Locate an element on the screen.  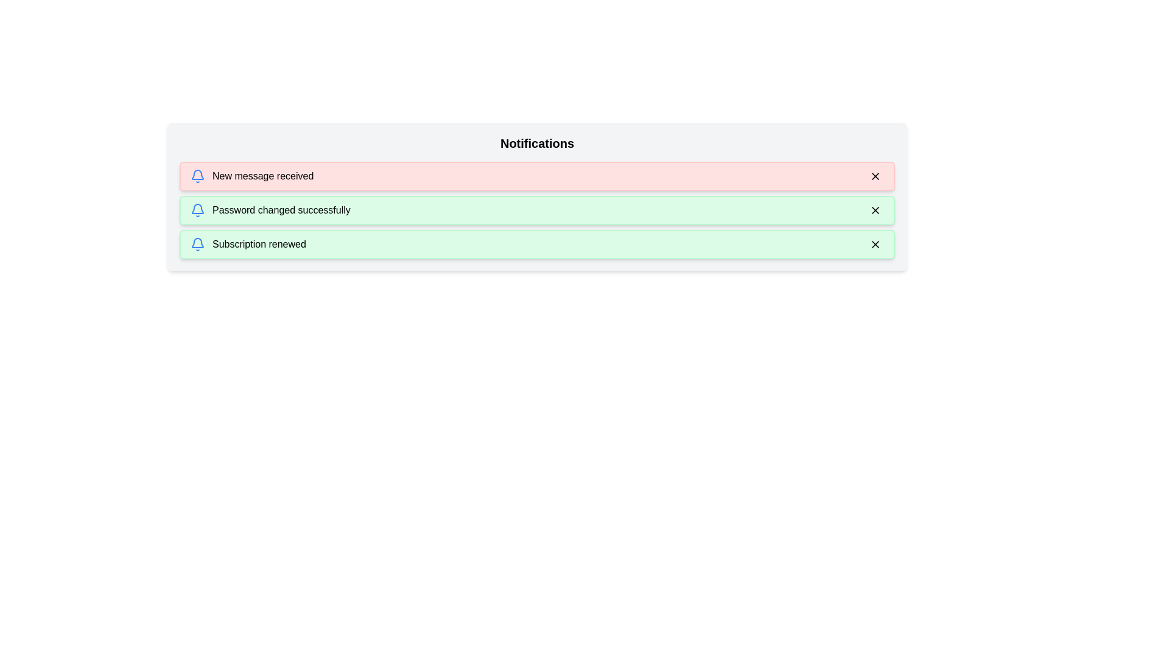
the notification icon, which is a bell symbol indicating alerts or messages, located at the topmost position in the notifications list is located at coordinates (198, 176).